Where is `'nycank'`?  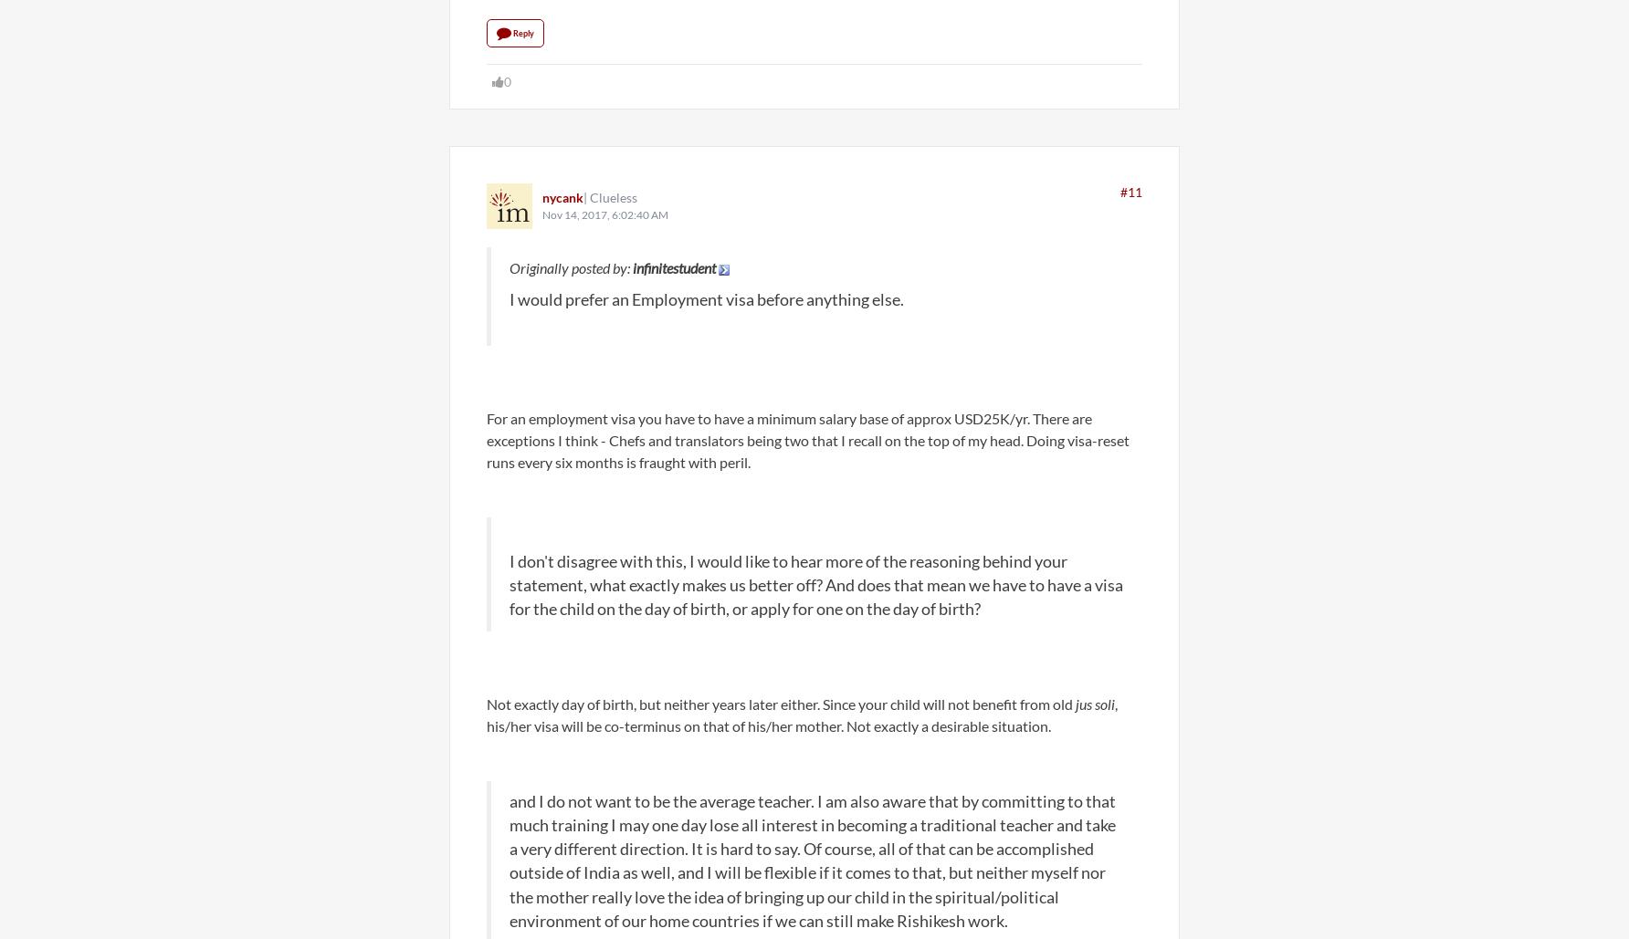 'nycank' is located at coordinates (541, 196).